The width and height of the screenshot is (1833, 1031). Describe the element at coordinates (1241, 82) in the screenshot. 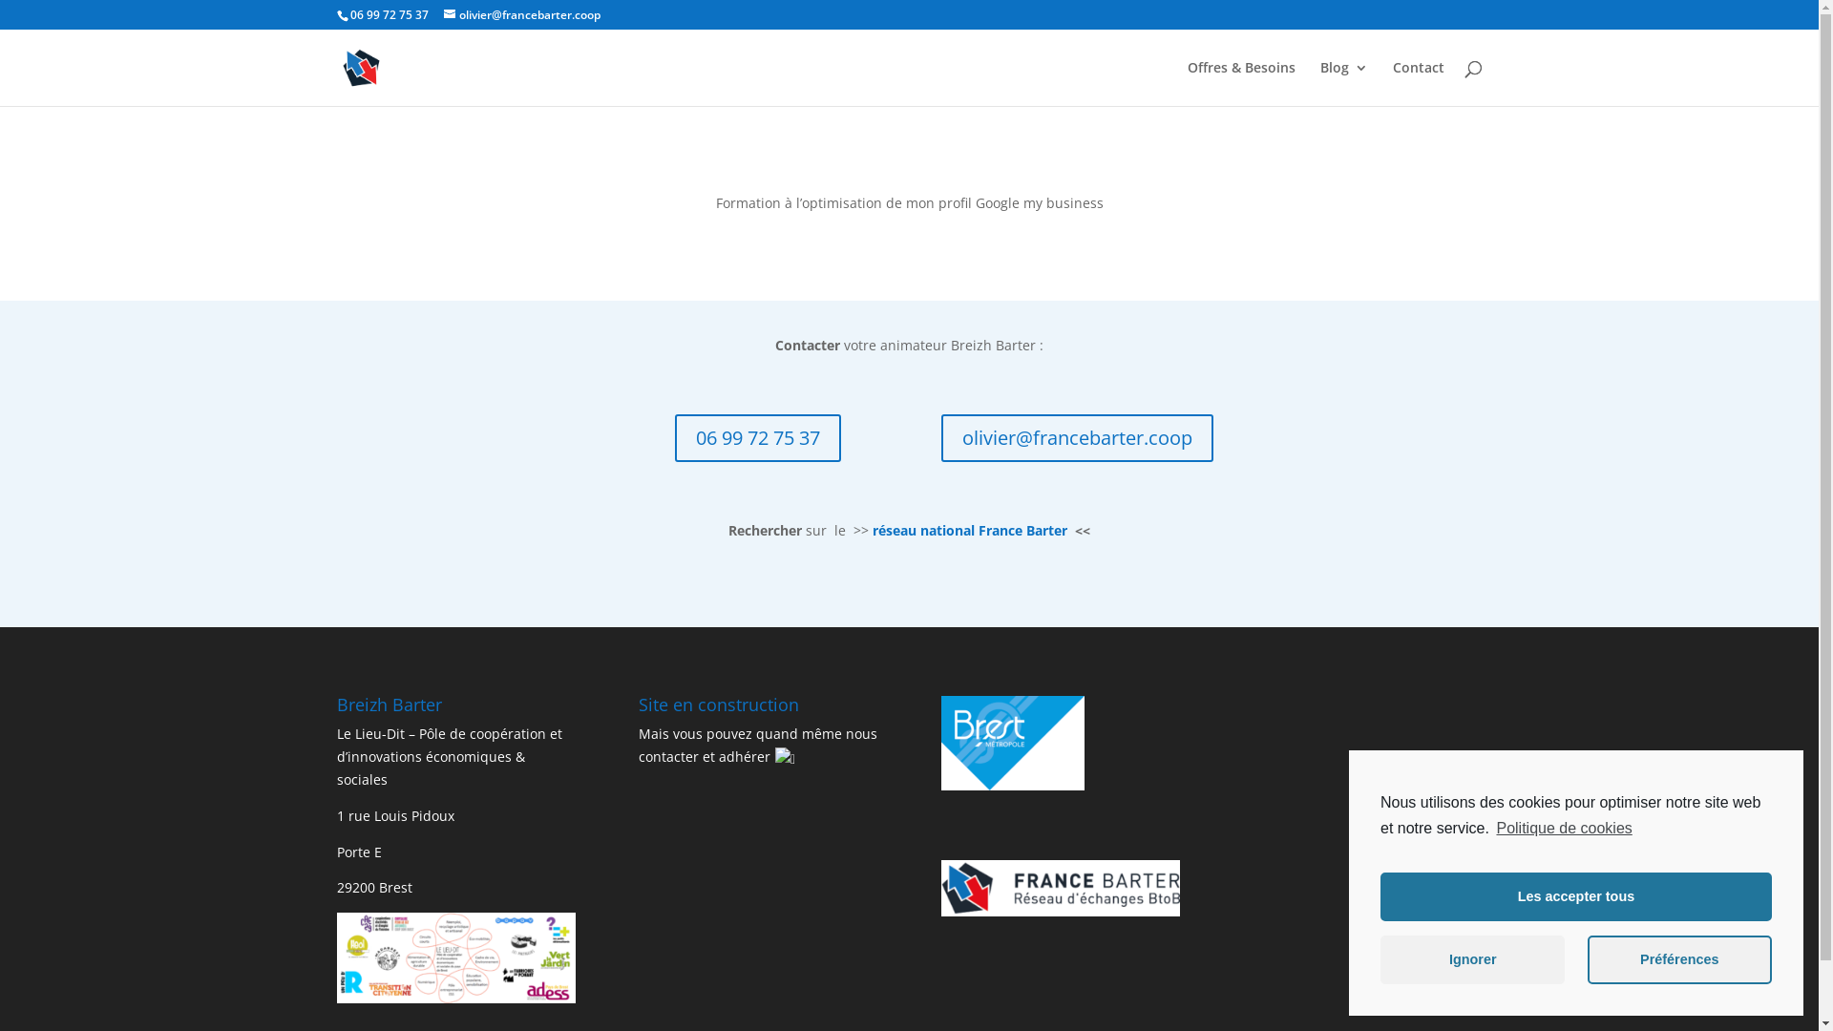

I see `'Offres & Besoins'` at that location.